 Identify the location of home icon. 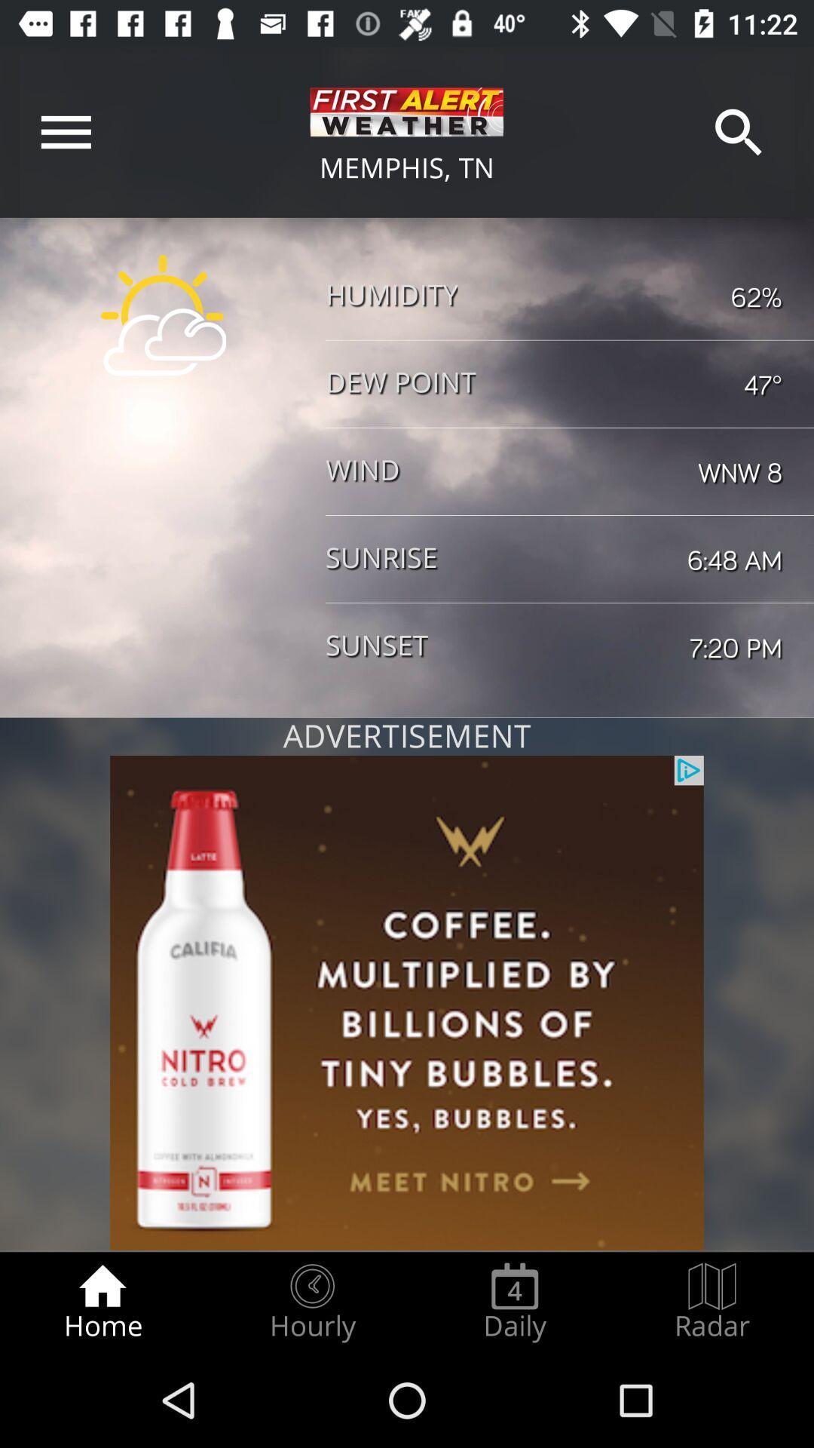
(102, 1302).